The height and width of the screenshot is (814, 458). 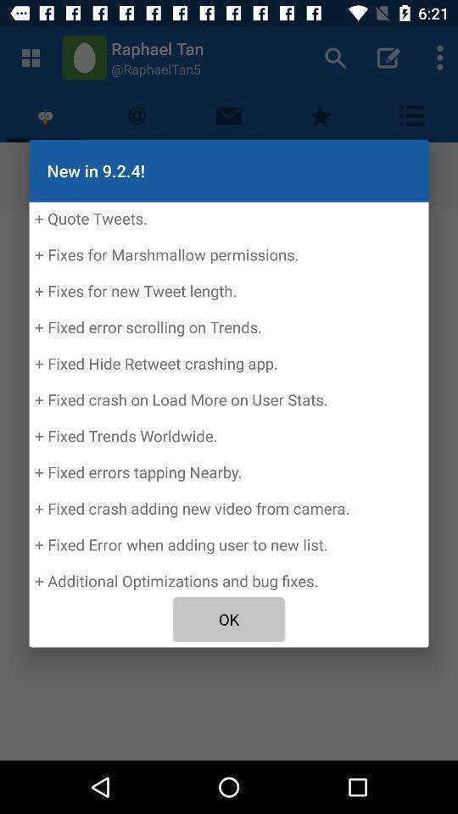 What do you see at coordinates (229, 618) in the screenshot?
I see `the icon below the quote tweets fixes icon` at bounding box center [229, 618].